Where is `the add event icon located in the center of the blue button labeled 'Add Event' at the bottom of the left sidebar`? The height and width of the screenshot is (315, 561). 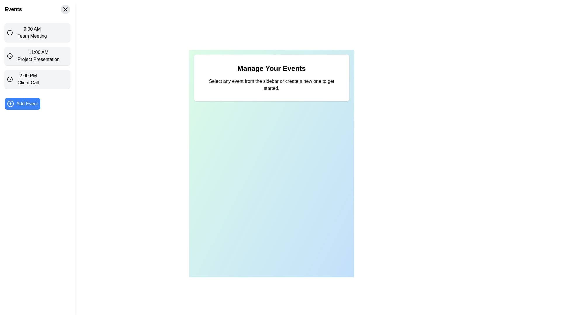 the add event icon located in the center of the blue button labeled 'Add Event' at the bottom of the left sidebar is located at coordinates (10, 103).